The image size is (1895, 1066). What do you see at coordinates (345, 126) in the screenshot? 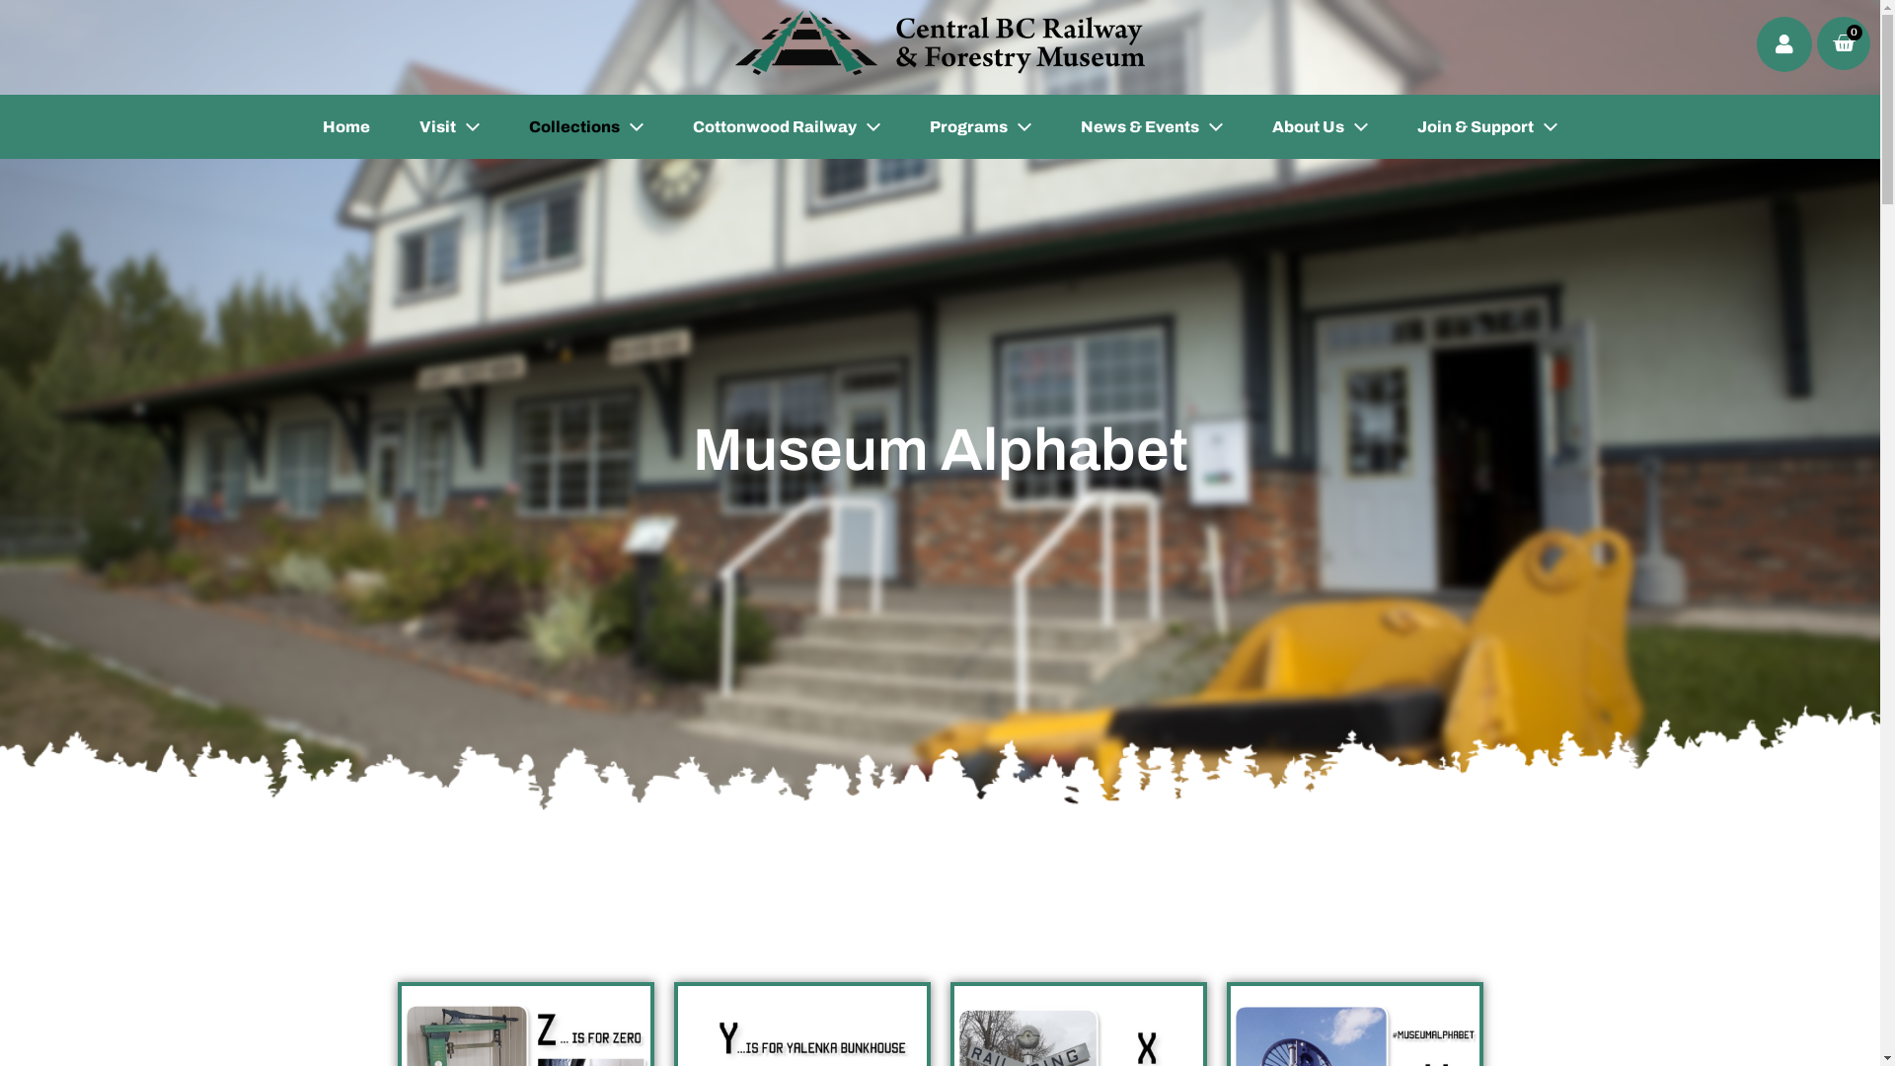
I see `'Home'` at bounding box center [345, 126].